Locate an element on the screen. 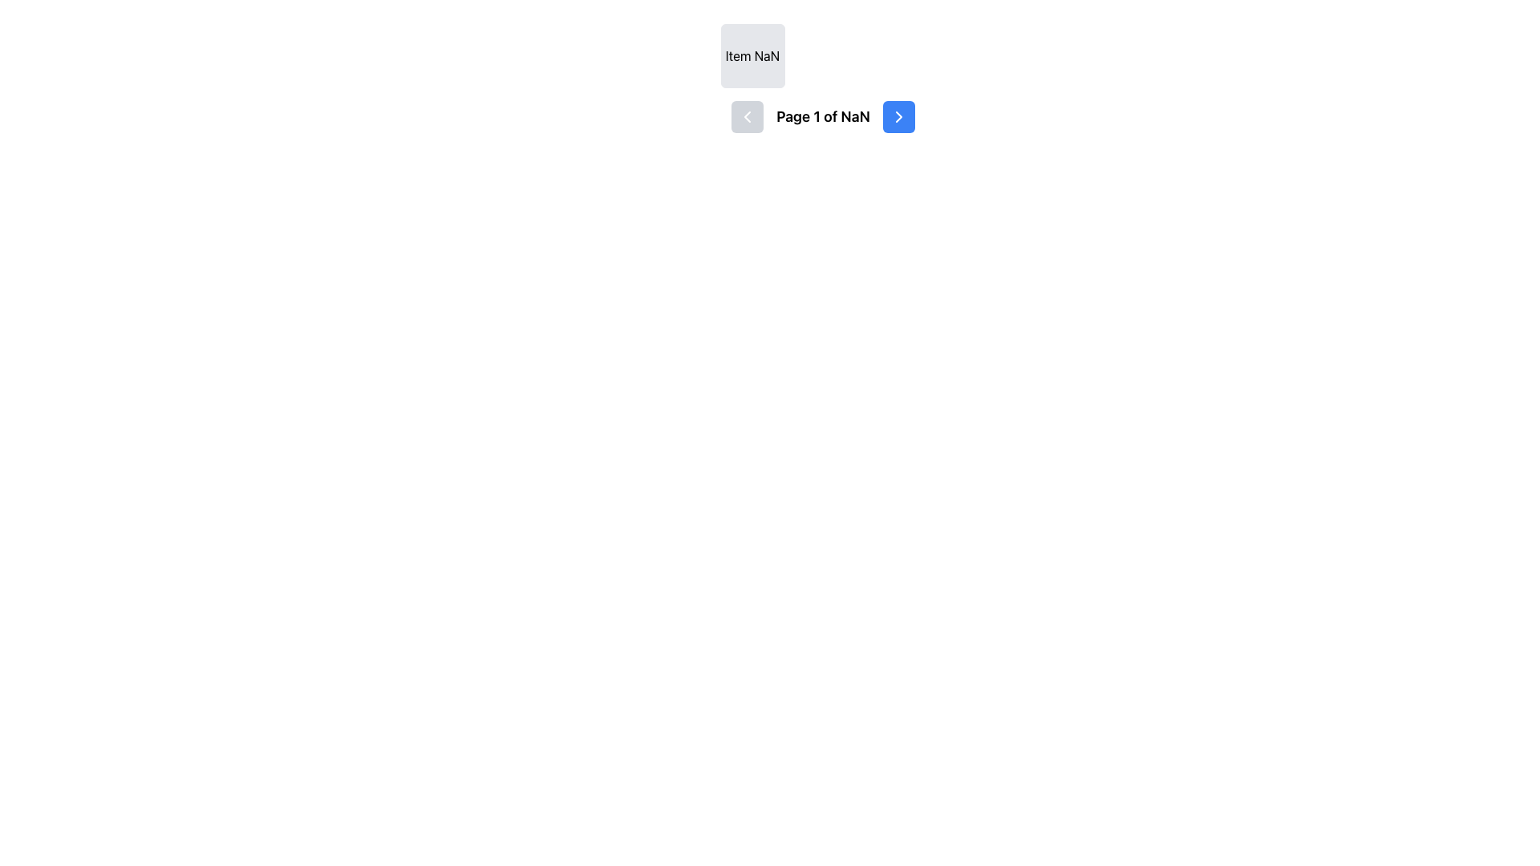 The height and width of the screenshot is (866, 1540). page indicator text from the pagination control component located centrally at the bottom of the visible group, framed by two control buttons with the left button disabled and the right button active is located at coordinates (823, 116).